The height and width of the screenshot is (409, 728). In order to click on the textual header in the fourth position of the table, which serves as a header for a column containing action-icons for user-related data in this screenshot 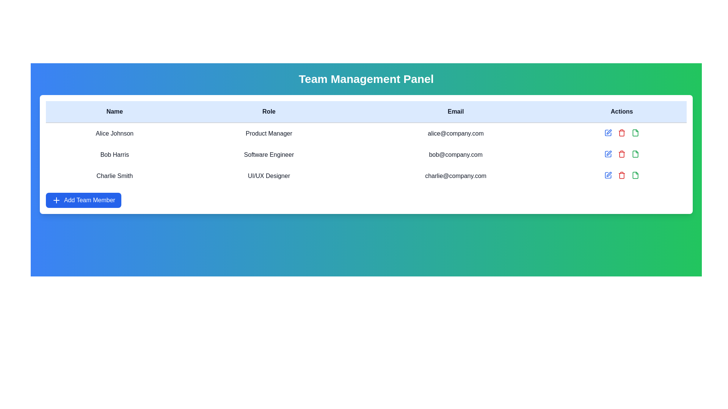, I will do `click(622, 112)`.